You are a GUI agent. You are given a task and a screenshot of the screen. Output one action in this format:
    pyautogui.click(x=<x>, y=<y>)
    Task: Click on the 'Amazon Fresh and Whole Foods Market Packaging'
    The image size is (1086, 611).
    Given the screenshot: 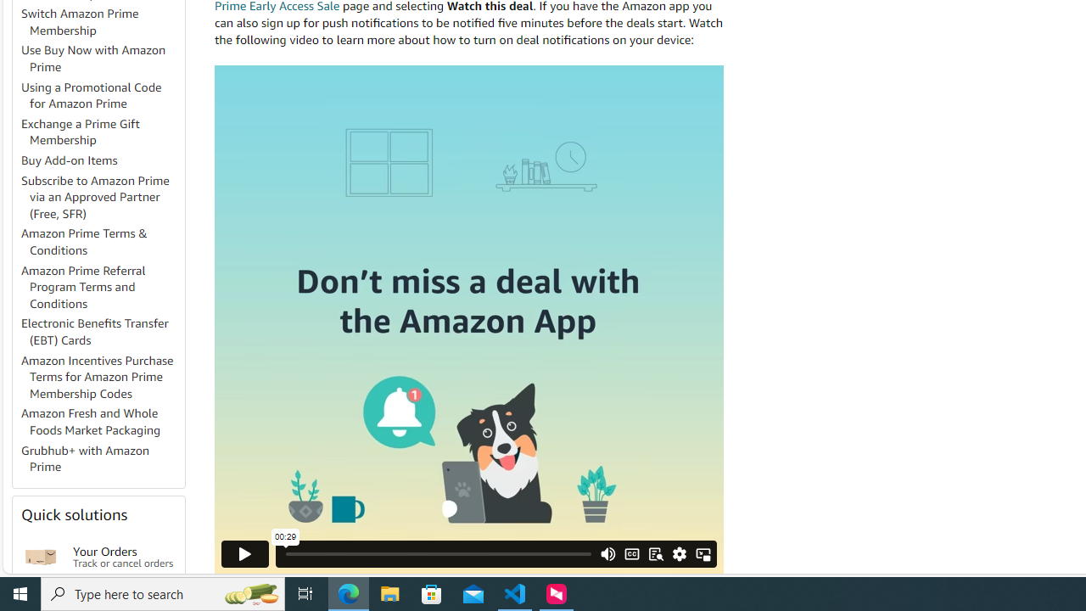 What is the action you would take?
    pyautogui.click(x=101, y=421)
    